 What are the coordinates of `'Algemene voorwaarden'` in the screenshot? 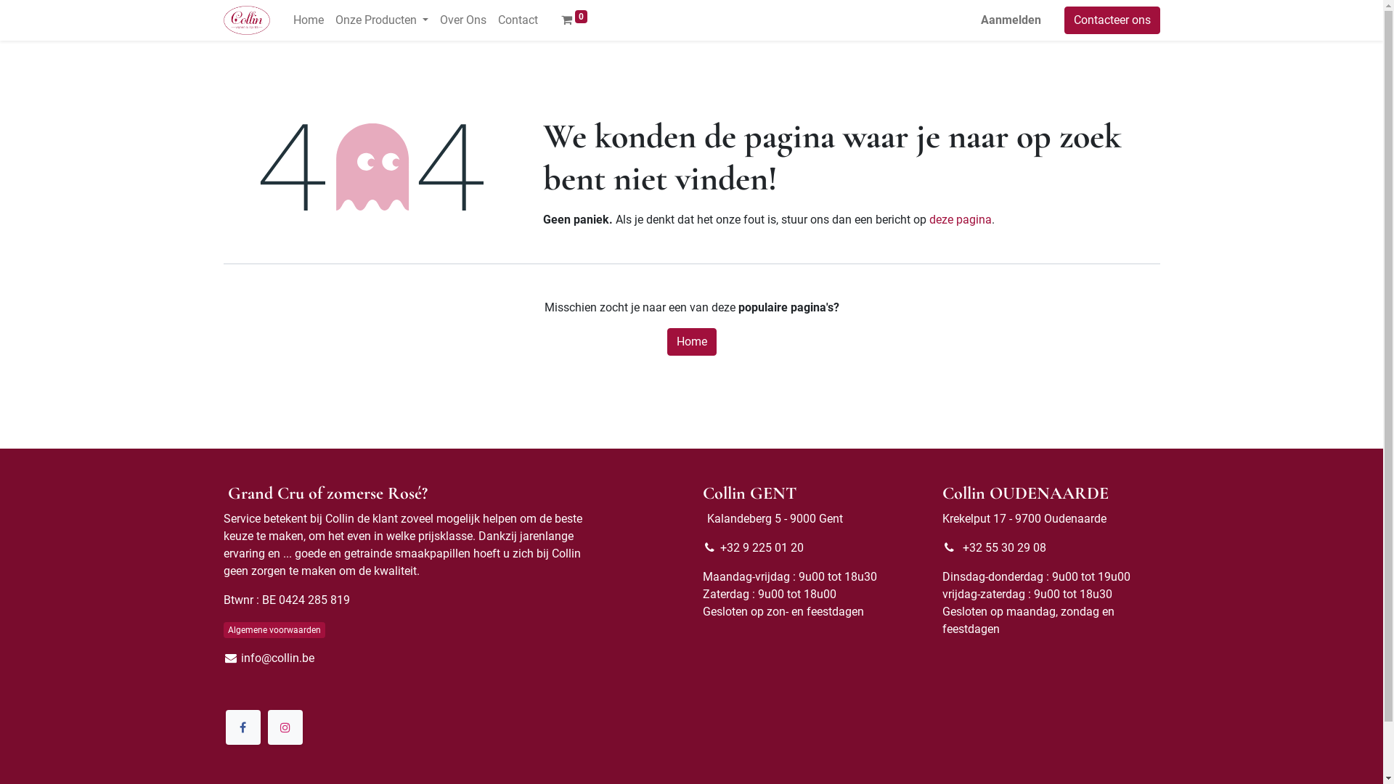 It's located at (222, 629).